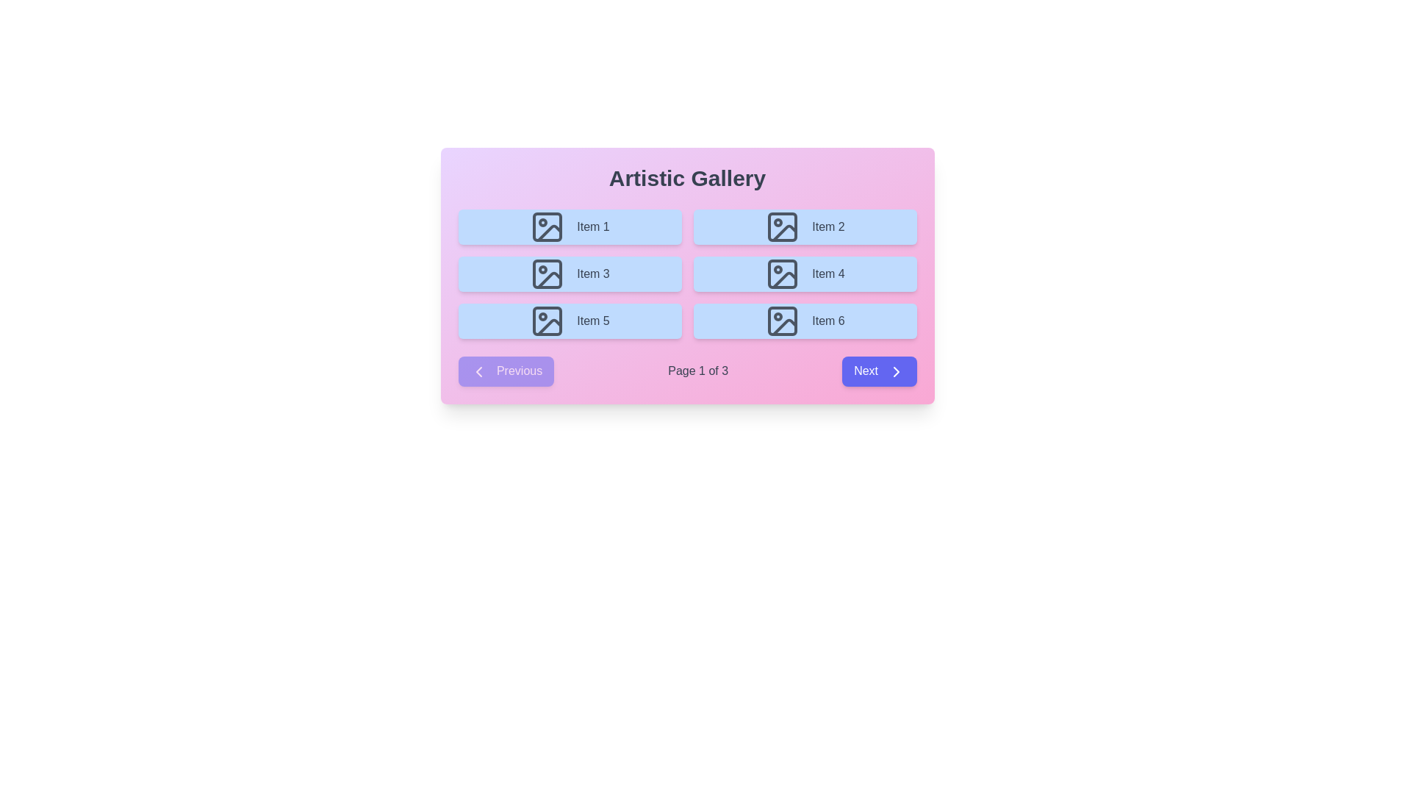  Describe the element at coordinates (569, 274) in the screenshot. I see `the rectangular card with a light blue background, rounded corners, and an image icon, labeled 'Item 3', located in the second row, first column of the grid layout` at that location.